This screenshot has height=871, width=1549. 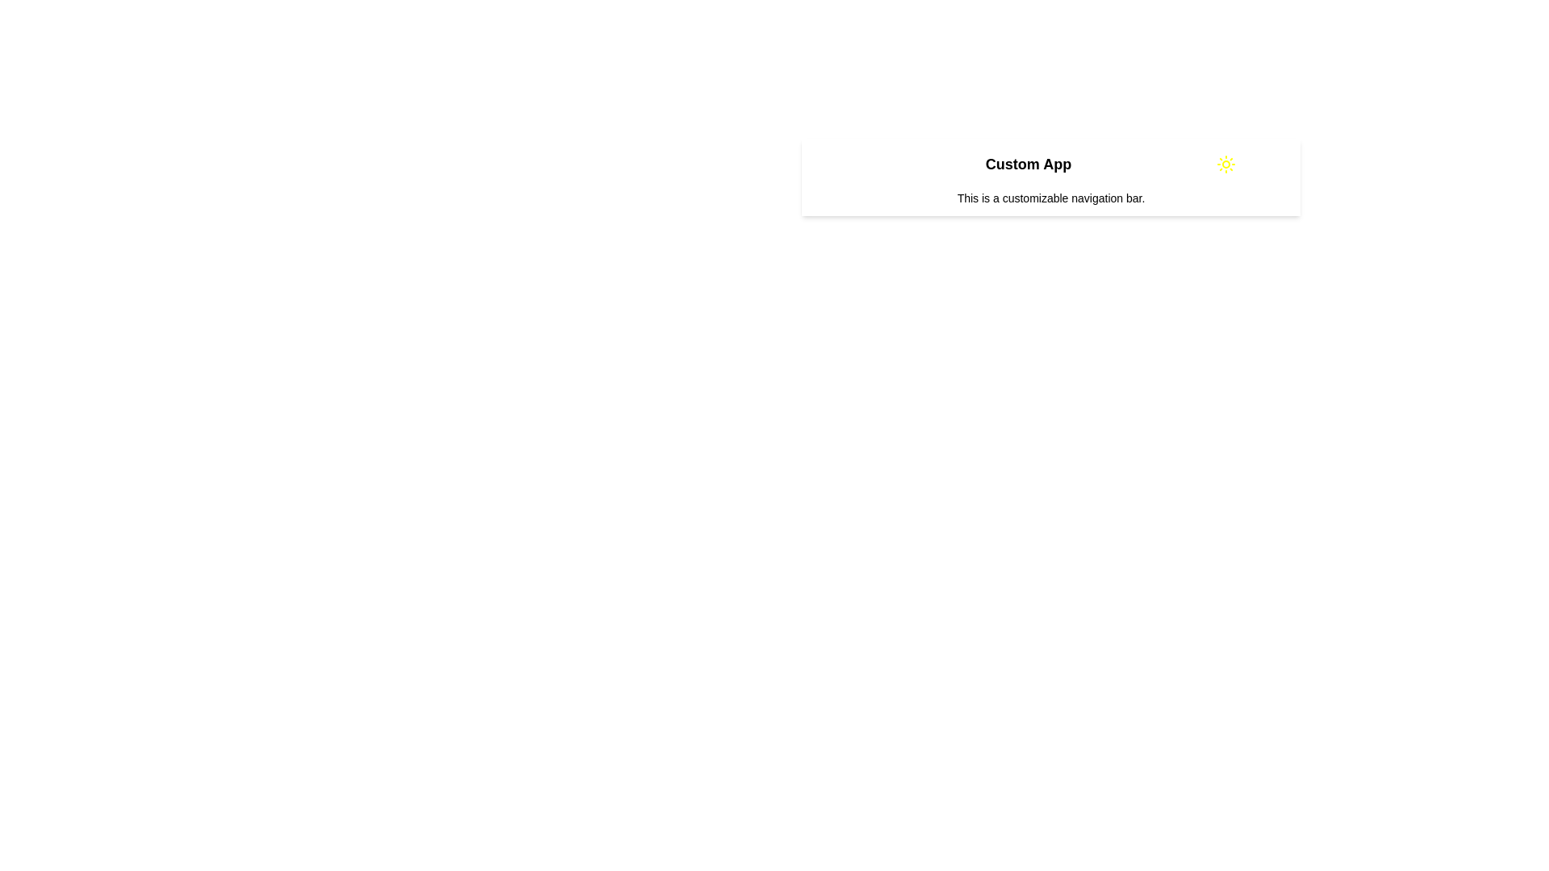 What do you see at coordinates (1270, 165) in the screenshot?
I see `the settings icon to access the settings` at bounding box center [1270, 165].